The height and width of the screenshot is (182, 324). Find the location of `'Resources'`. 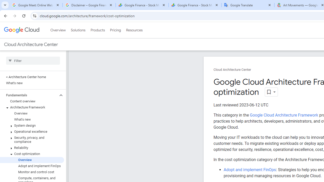

'Resources' is located at coordinates (134, 30).